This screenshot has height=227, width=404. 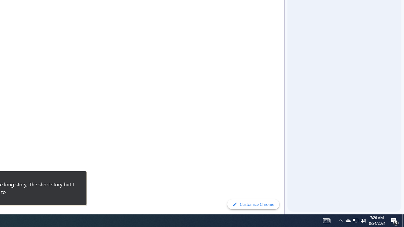 I want to click on 'Side Panel Resize Handle', so click(x=285, y=12).